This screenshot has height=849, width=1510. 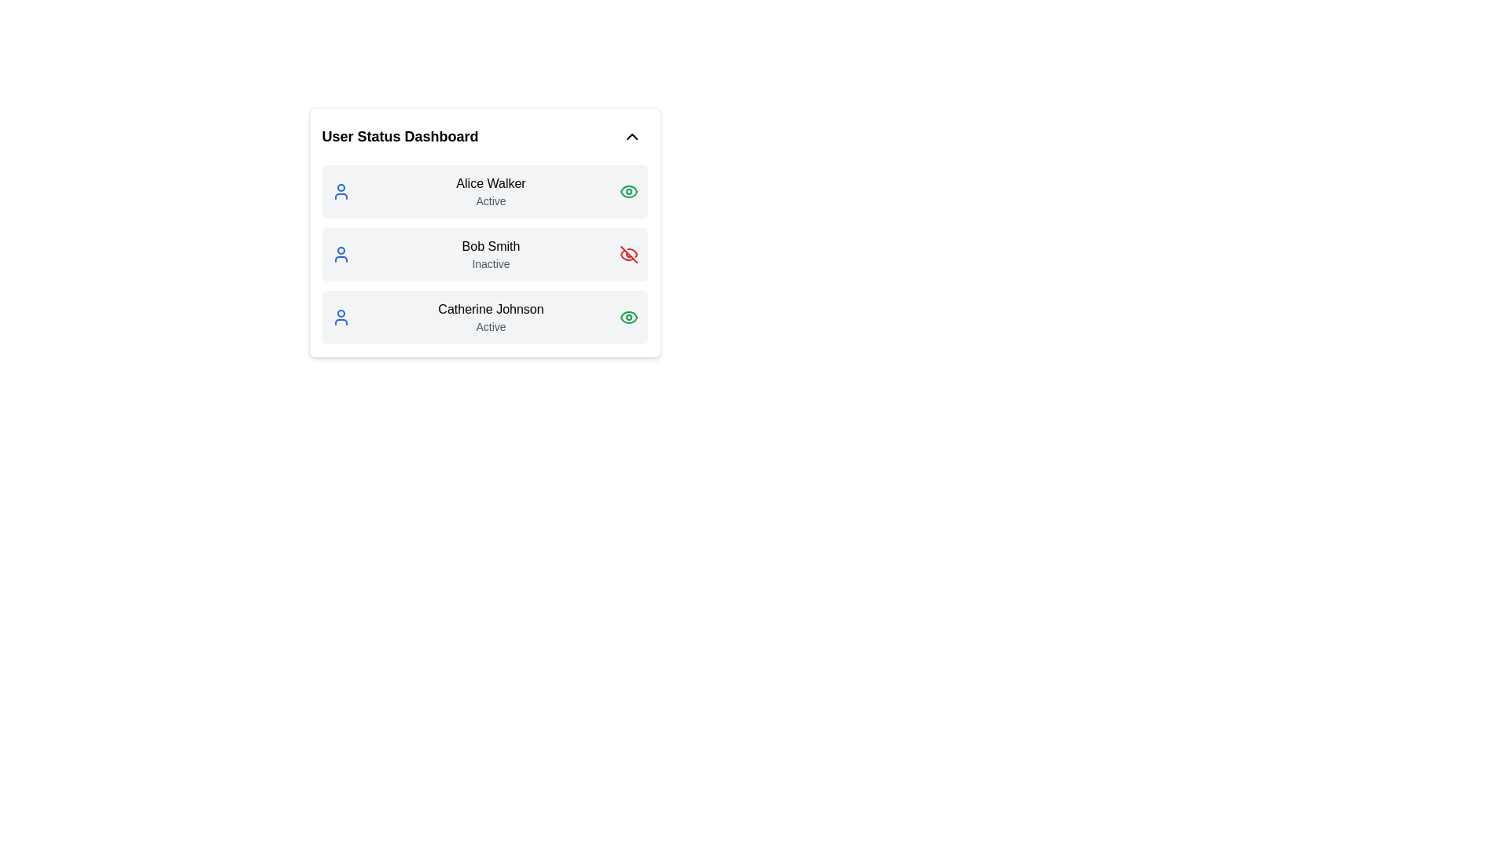 I want to click on the state symbolized by the green eye icon located next to the text 'Alice Walker' in the user status dashboard, so click(x=628, y=190).